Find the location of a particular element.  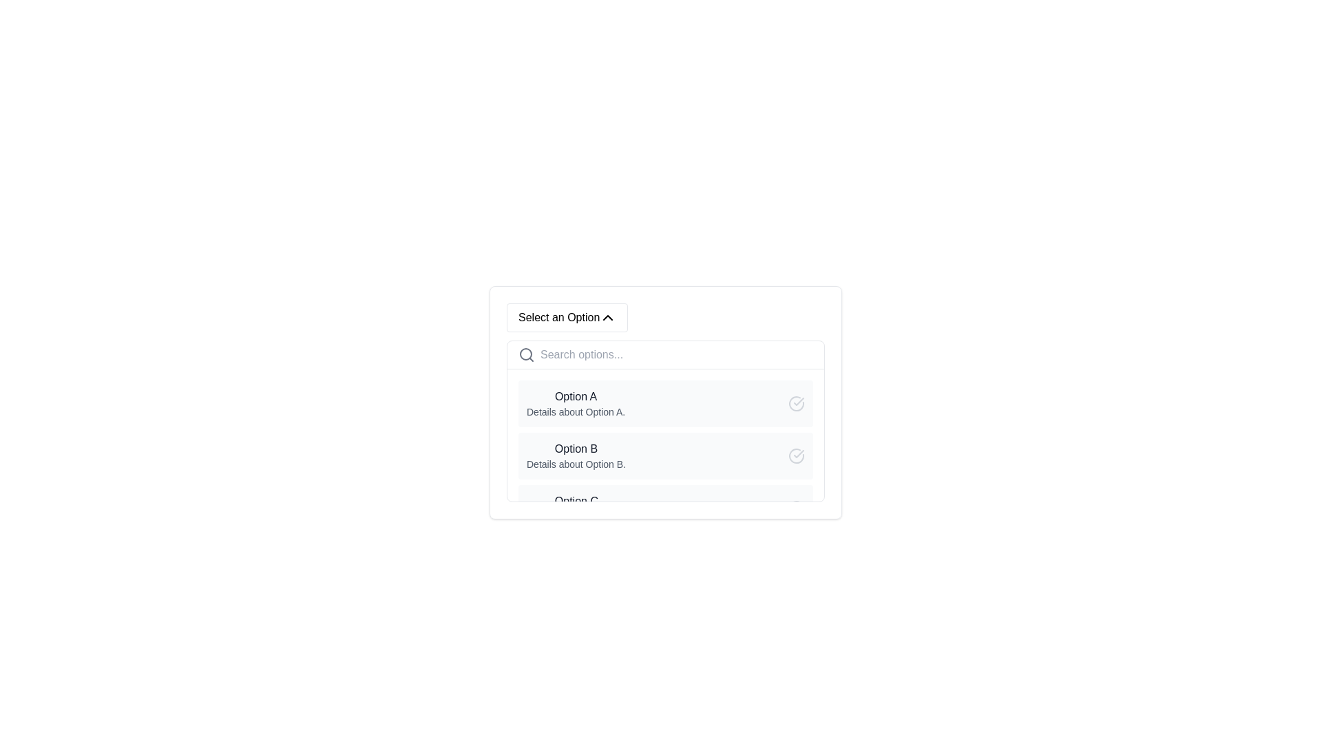

the Check Circle icon indicating the selection state of 'Option A', which is positioned to the right of the descriptive text 'Details about Option A' is located at coordinates (796, 402).